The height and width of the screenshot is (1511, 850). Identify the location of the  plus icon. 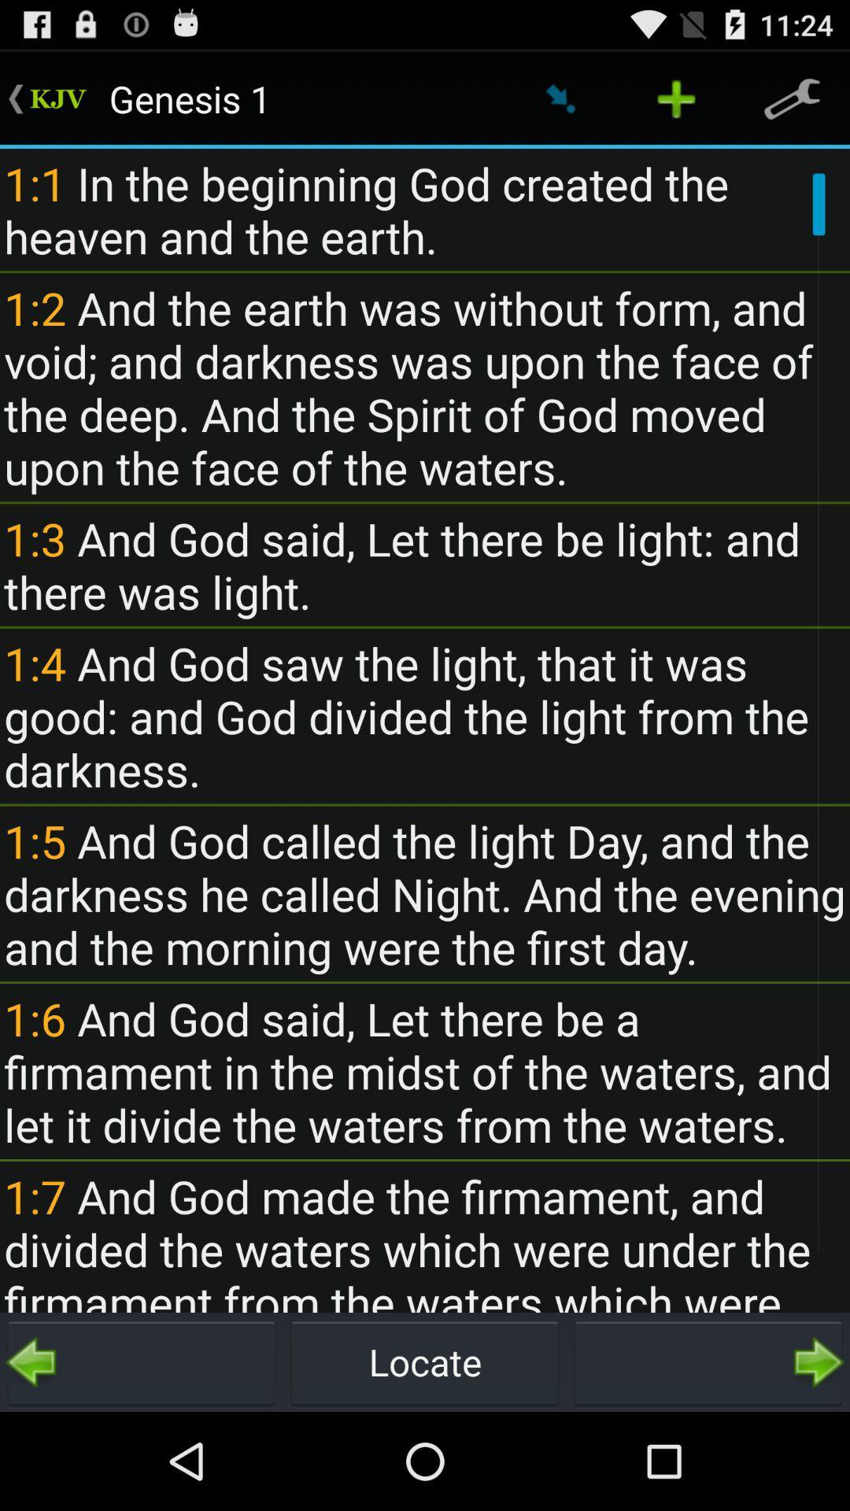
(675, 98).